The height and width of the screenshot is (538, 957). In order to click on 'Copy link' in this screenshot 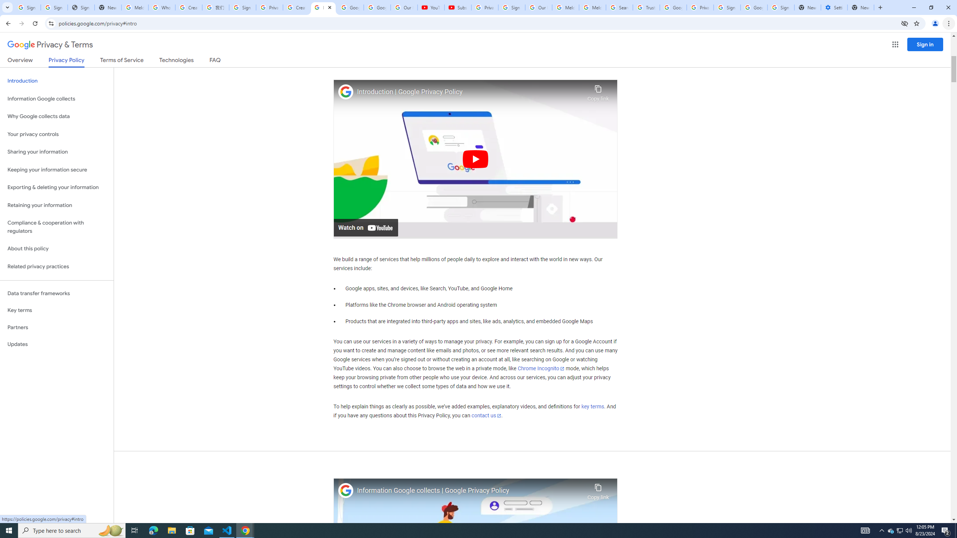, I will do `click(598, 489)`.